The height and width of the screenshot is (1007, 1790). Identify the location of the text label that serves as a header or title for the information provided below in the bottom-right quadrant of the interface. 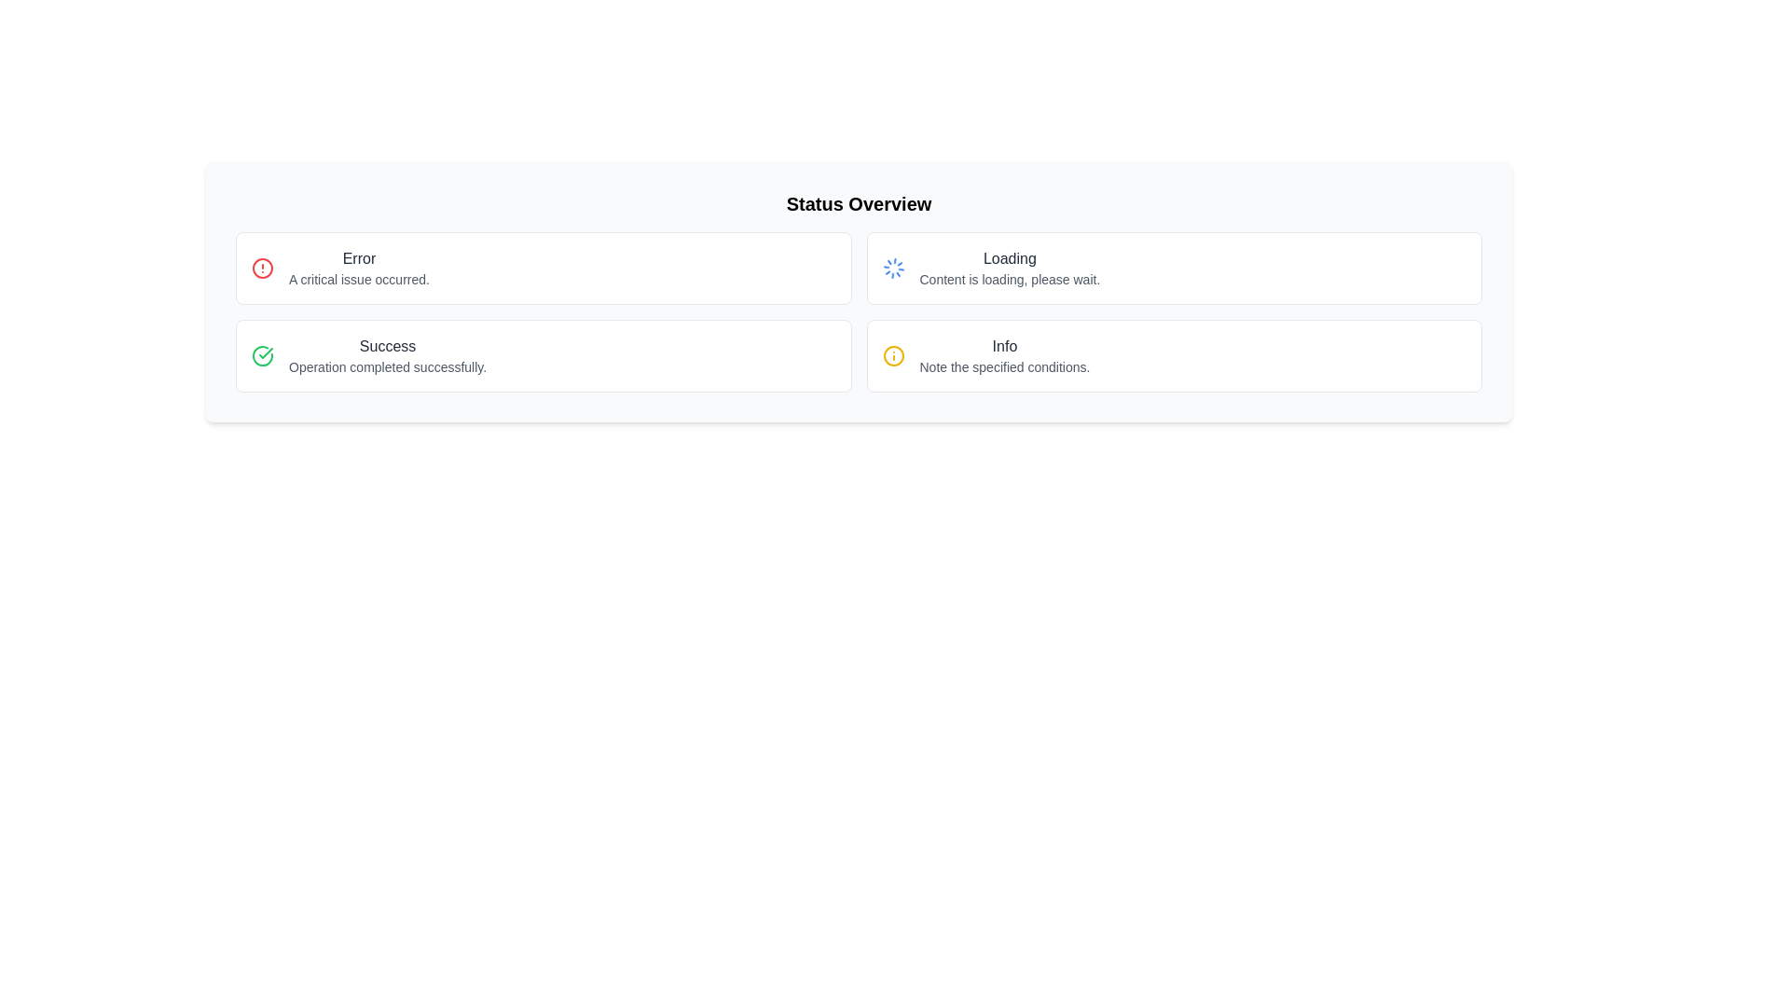
(1003, 346).